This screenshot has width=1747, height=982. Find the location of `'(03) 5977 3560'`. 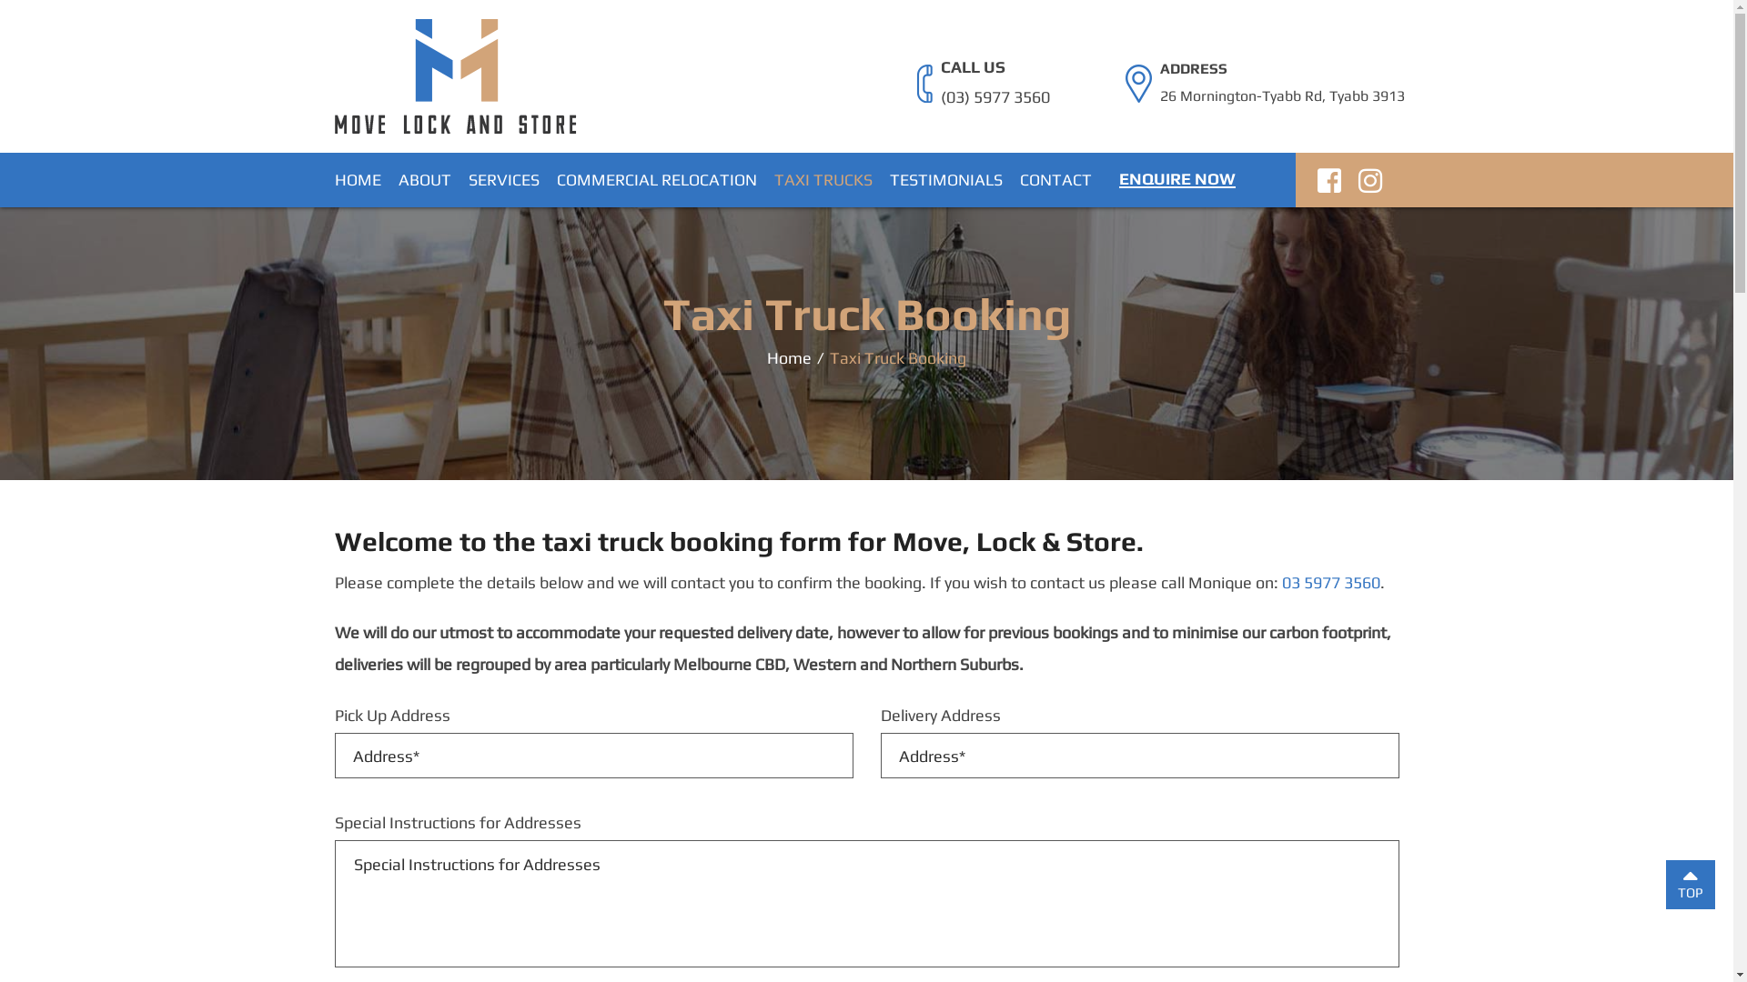

'(03) 5977 3560' is located at coordinates (940, 97).